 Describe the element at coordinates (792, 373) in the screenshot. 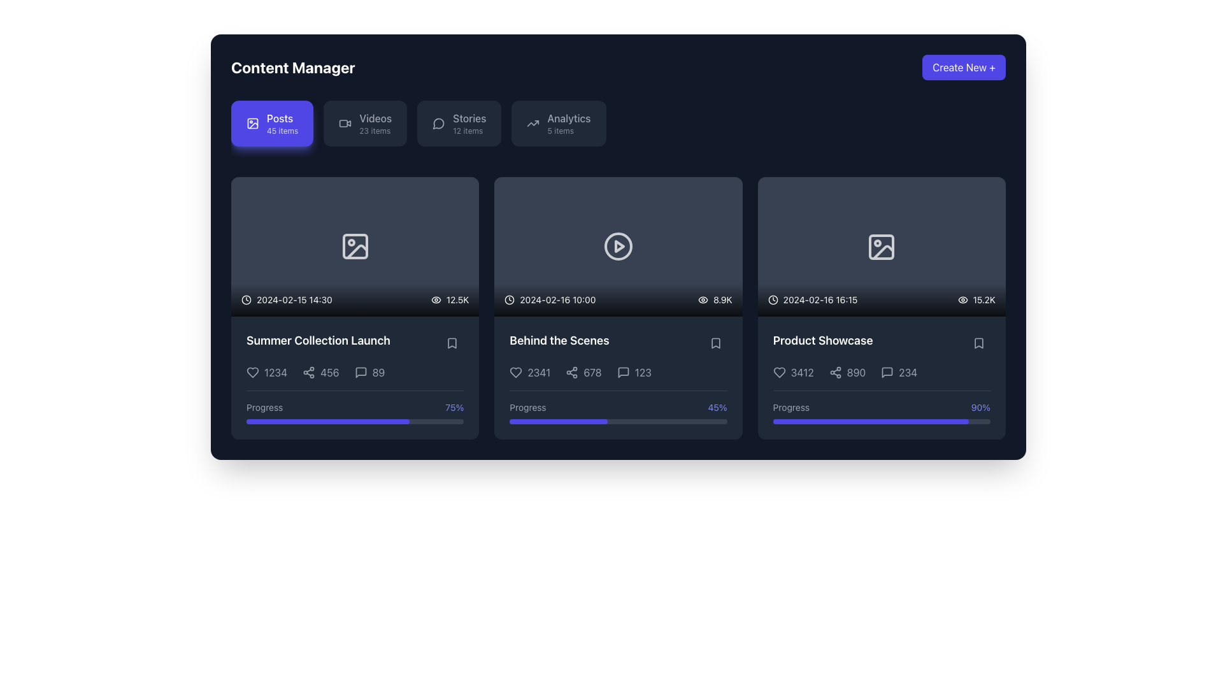

I see `the text label displaying the count of 'likes' or 'favorites' located in the bottom section of the third card in the 'Product Showcase', positioned next to share and comment icons` at that location.